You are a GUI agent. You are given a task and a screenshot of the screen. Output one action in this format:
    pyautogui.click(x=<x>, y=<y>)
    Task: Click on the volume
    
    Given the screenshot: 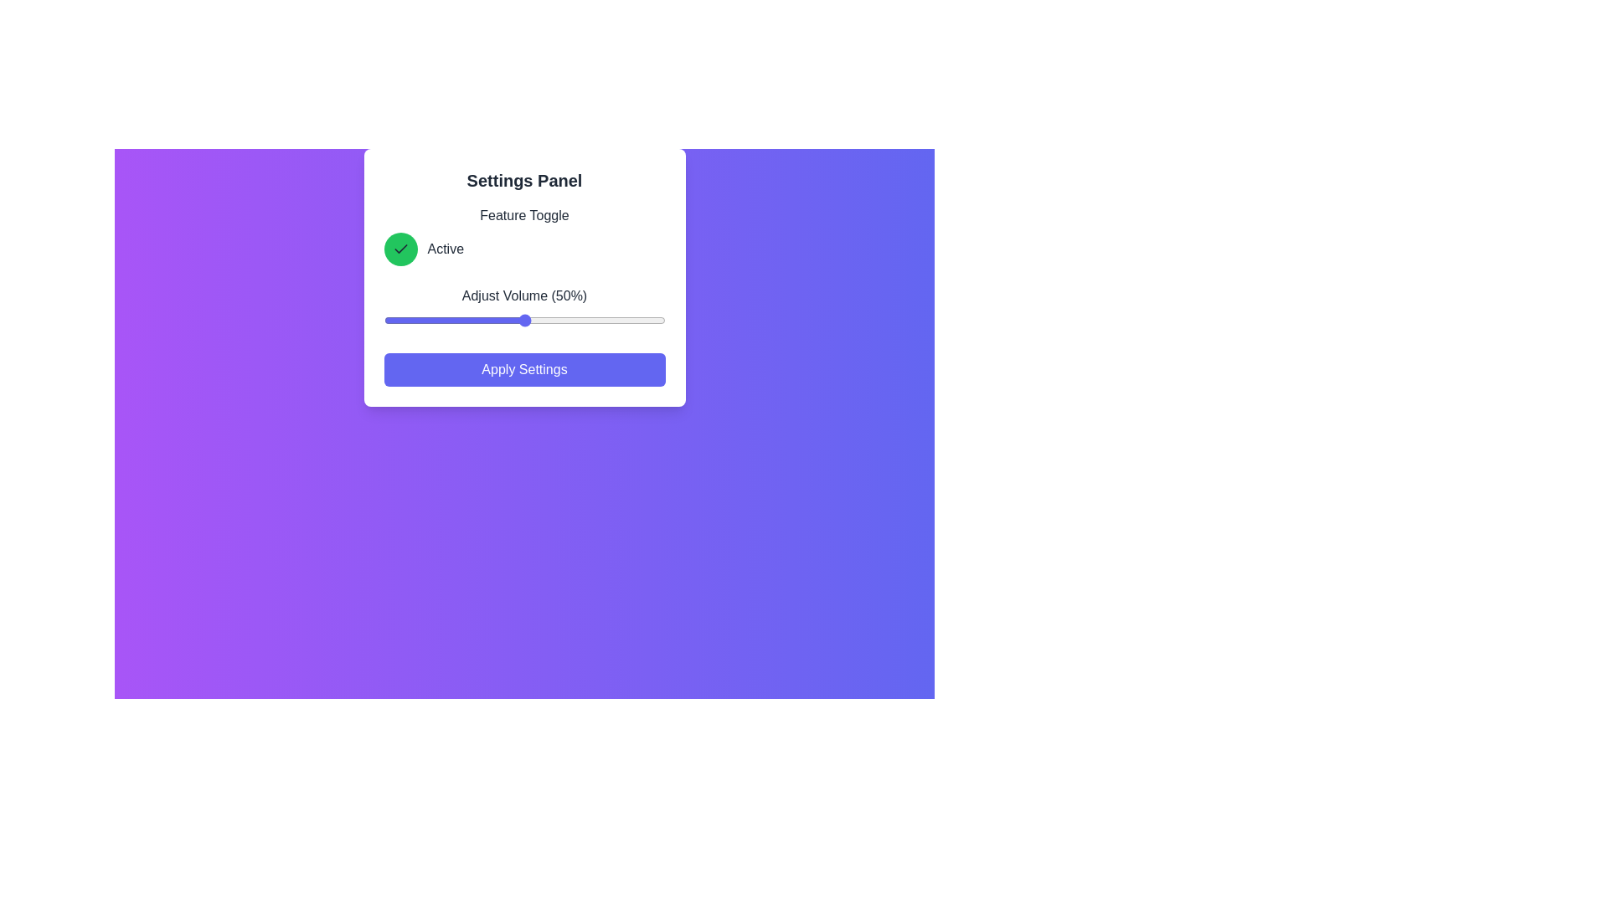 What is the action you would take?
    pyautogui.click(x=399, y=320)
    